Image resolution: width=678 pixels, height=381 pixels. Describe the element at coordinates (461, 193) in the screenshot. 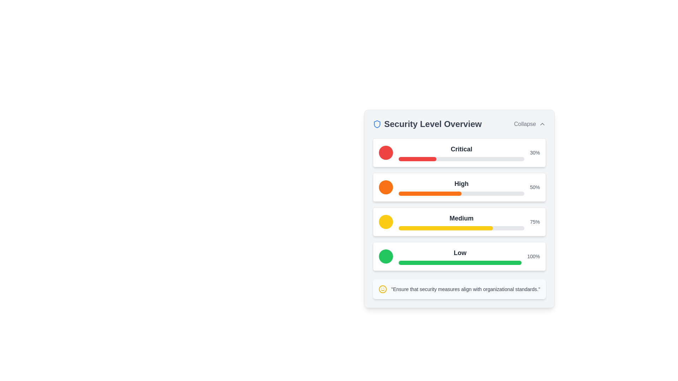

I see `the second progress bar that indicates a 'High' level of progression, visually represented with 50% orange fill, located under the label 'High'` at that location.